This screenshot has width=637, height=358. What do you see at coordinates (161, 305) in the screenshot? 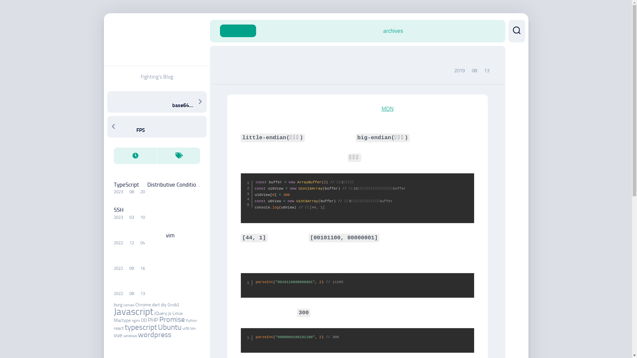
I see `'diy'` at bounding box center [161, 305].